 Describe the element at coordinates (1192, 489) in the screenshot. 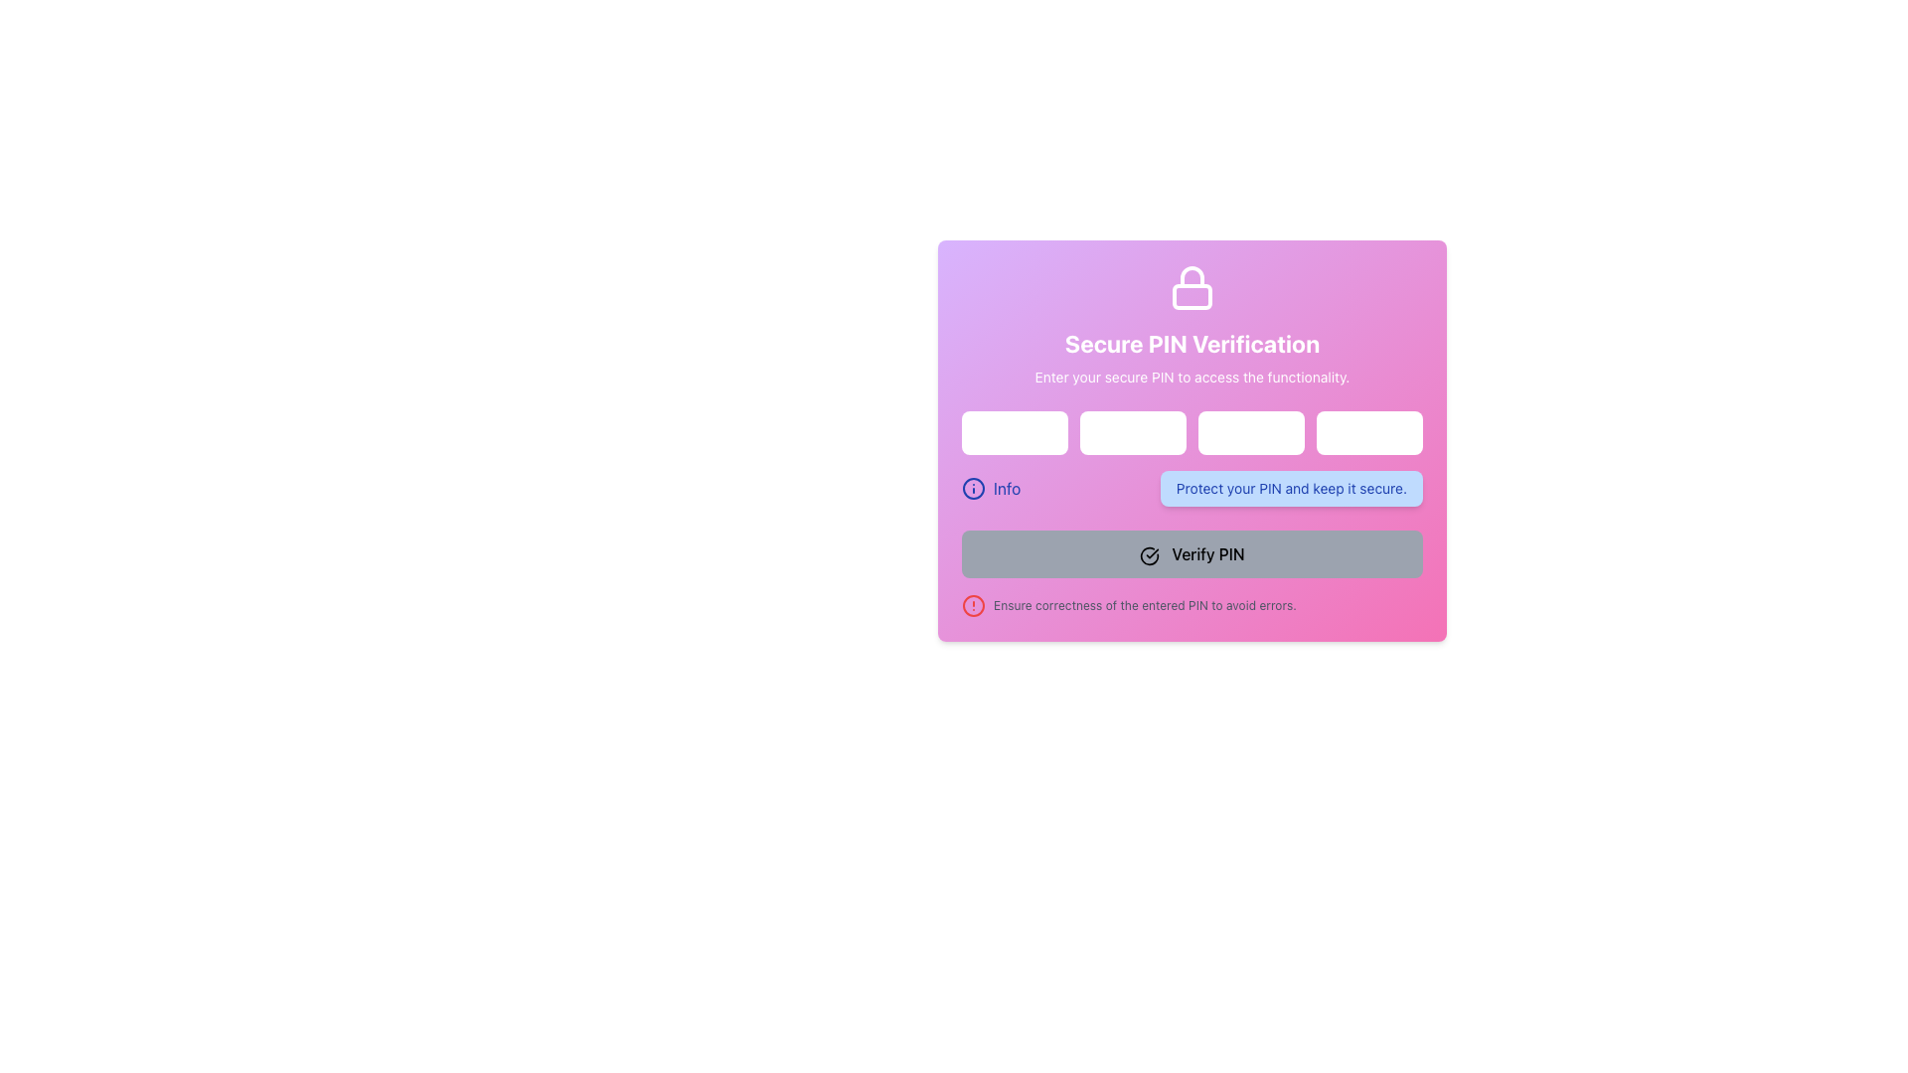

I see `the 'Info' icon or text located within the rectangular blue box containing the text 'Protect your PIN and keep it secure.'` at that location.